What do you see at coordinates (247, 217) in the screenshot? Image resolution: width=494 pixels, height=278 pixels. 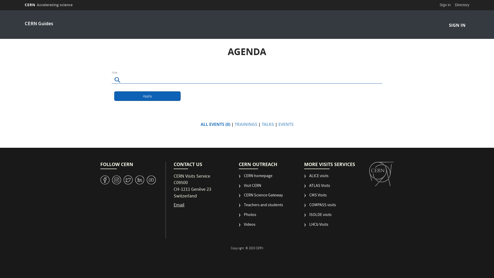 I see `'Photos'` at bounding box center [247, 217].